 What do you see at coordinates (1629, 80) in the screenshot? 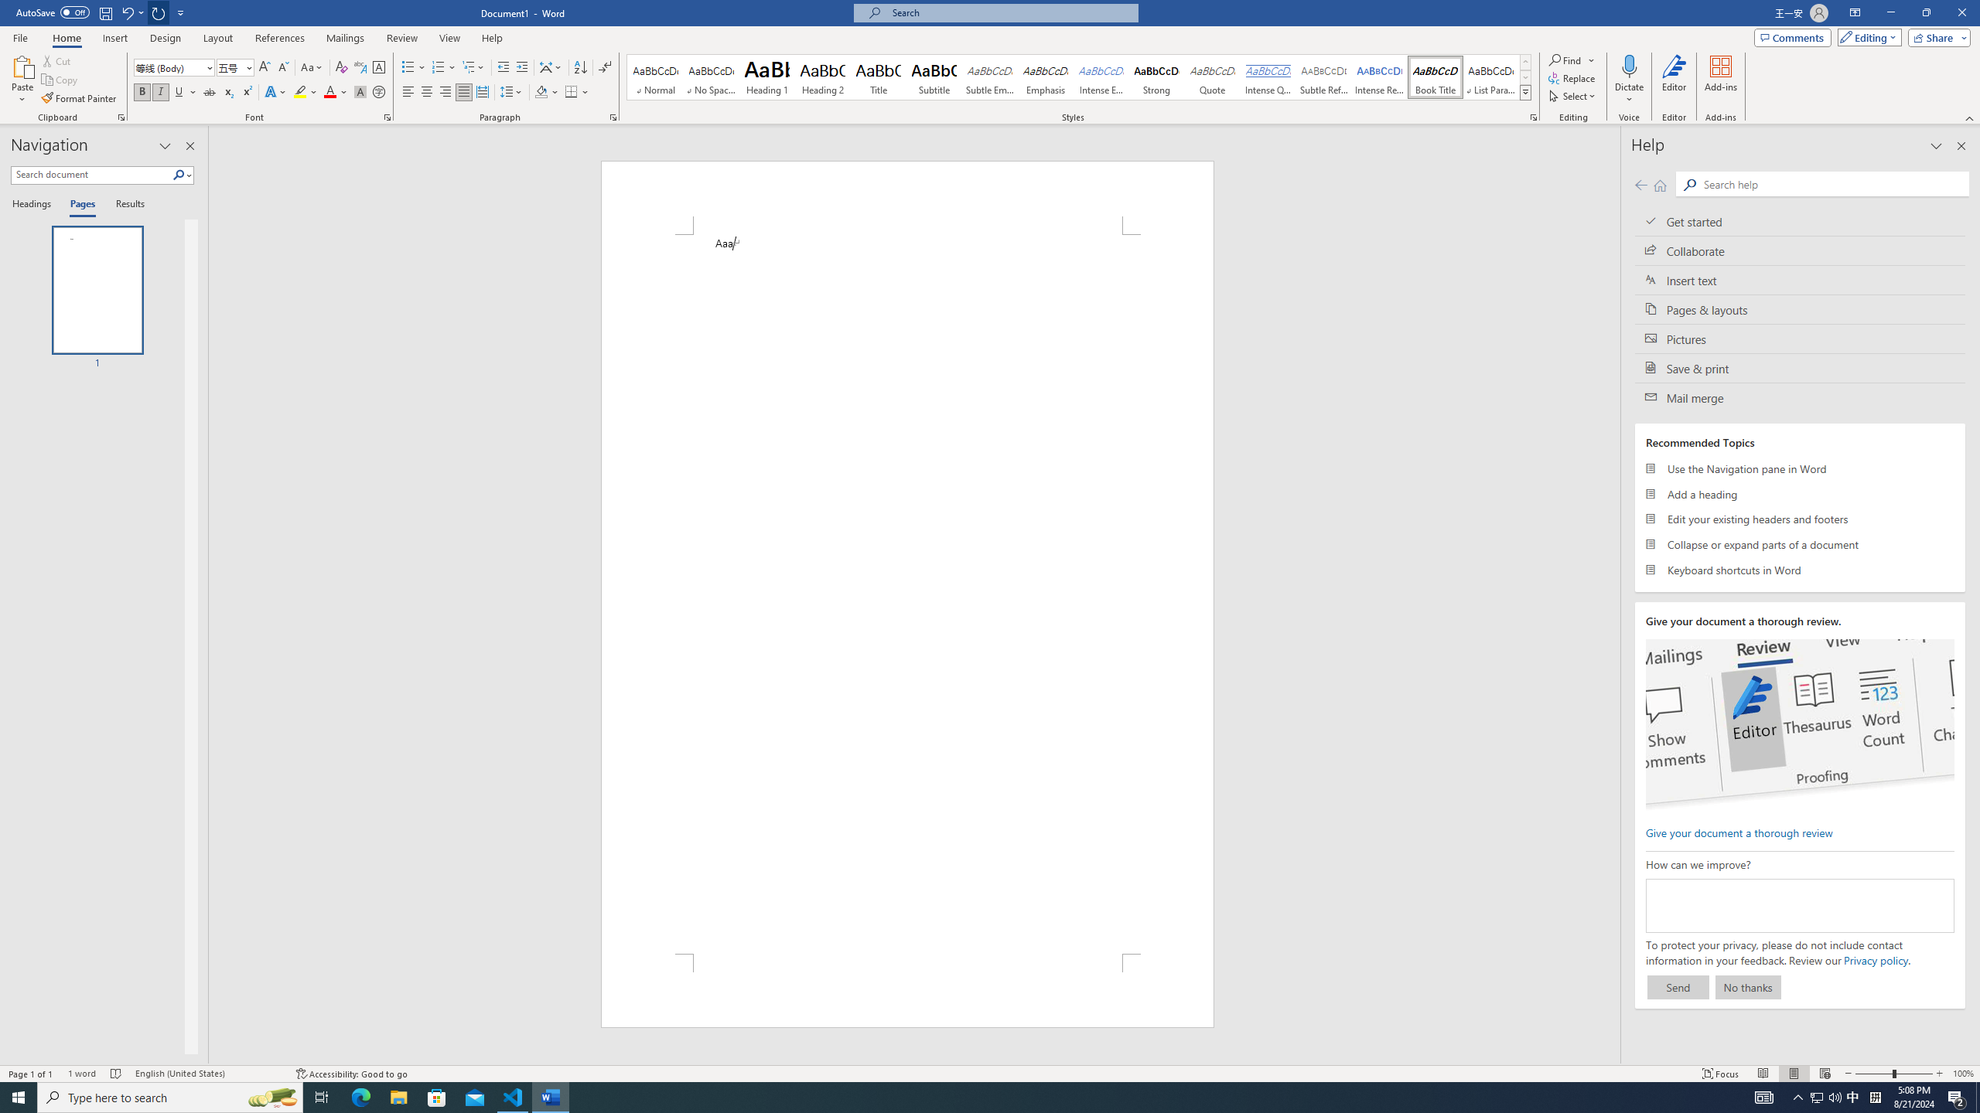
I see `'Dictate'` at bounding box center [1629, 80].